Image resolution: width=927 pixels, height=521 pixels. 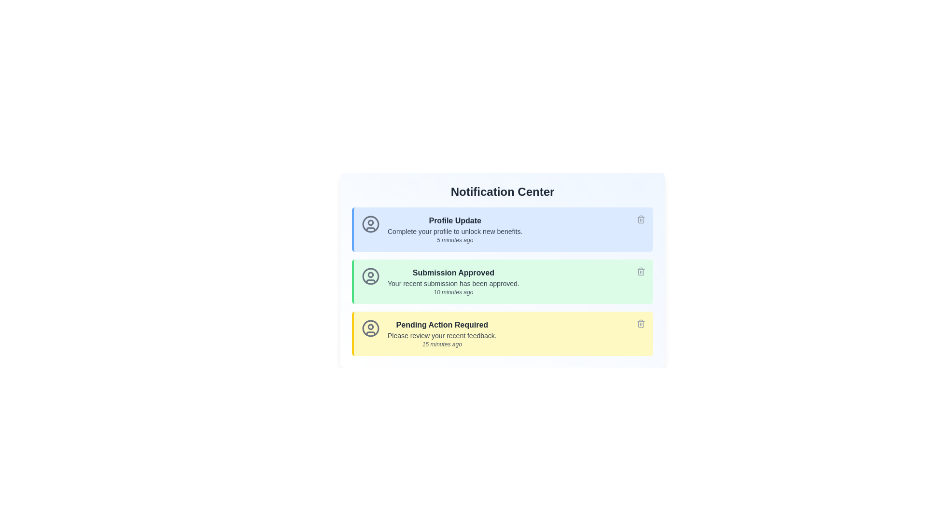 What do you see at coordinates (453, 291) in the screenshot?
I see `timestamp displayed in the notification card, which shows when the notification occurred, specifically the text label indicating '10 minutes ago'` at bounding box center [453, 291].